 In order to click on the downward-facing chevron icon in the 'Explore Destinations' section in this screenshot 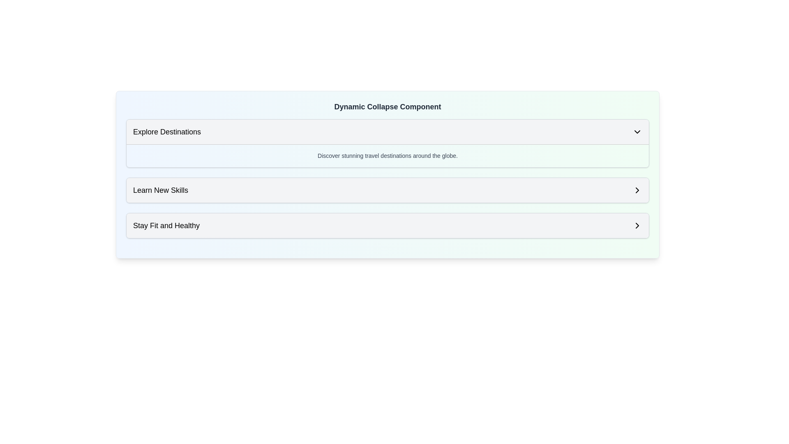, I will do `click(637, 131)`.